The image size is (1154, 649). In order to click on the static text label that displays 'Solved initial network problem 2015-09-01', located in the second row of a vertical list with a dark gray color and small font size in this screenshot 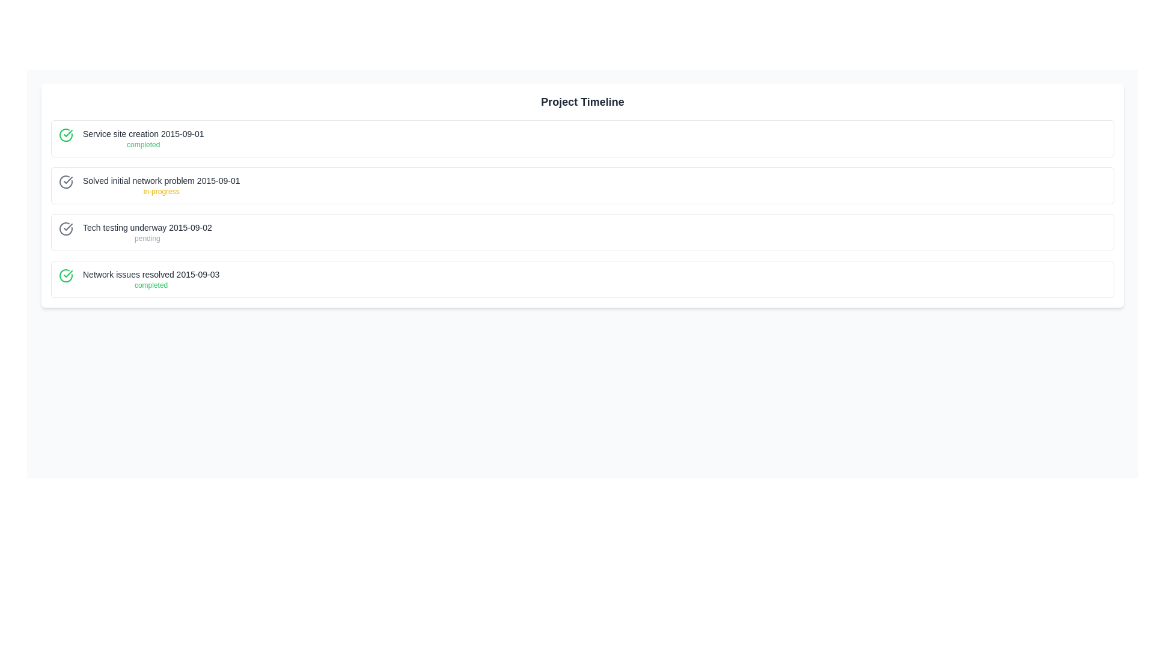, I will do `click(160, 180)`.